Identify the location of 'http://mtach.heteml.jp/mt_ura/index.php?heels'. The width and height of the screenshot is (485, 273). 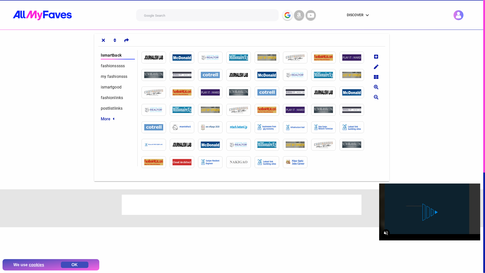
(226, 127).